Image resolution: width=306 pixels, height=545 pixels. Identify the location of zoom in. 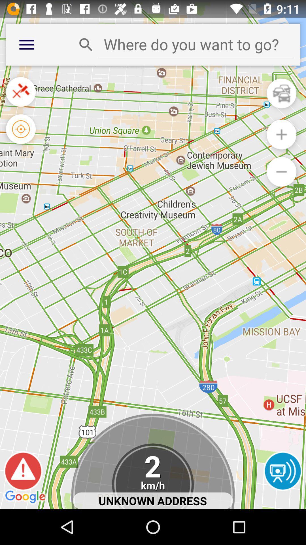
(281, 134).